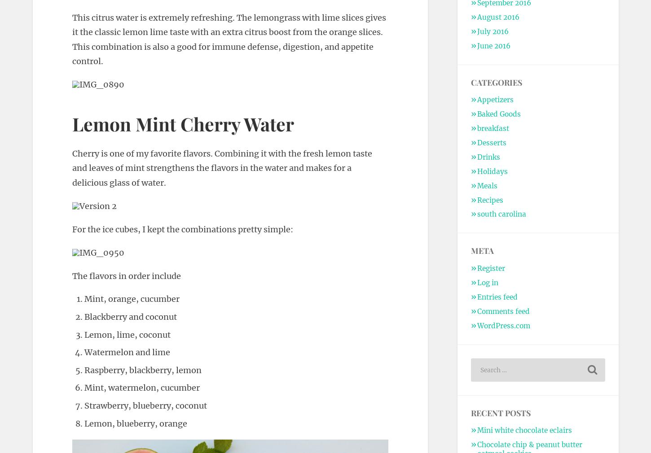  What do you see at coordinates (492, 30) in the screenshot?
I see `'July 2016'` at bounding box center [492, 30].